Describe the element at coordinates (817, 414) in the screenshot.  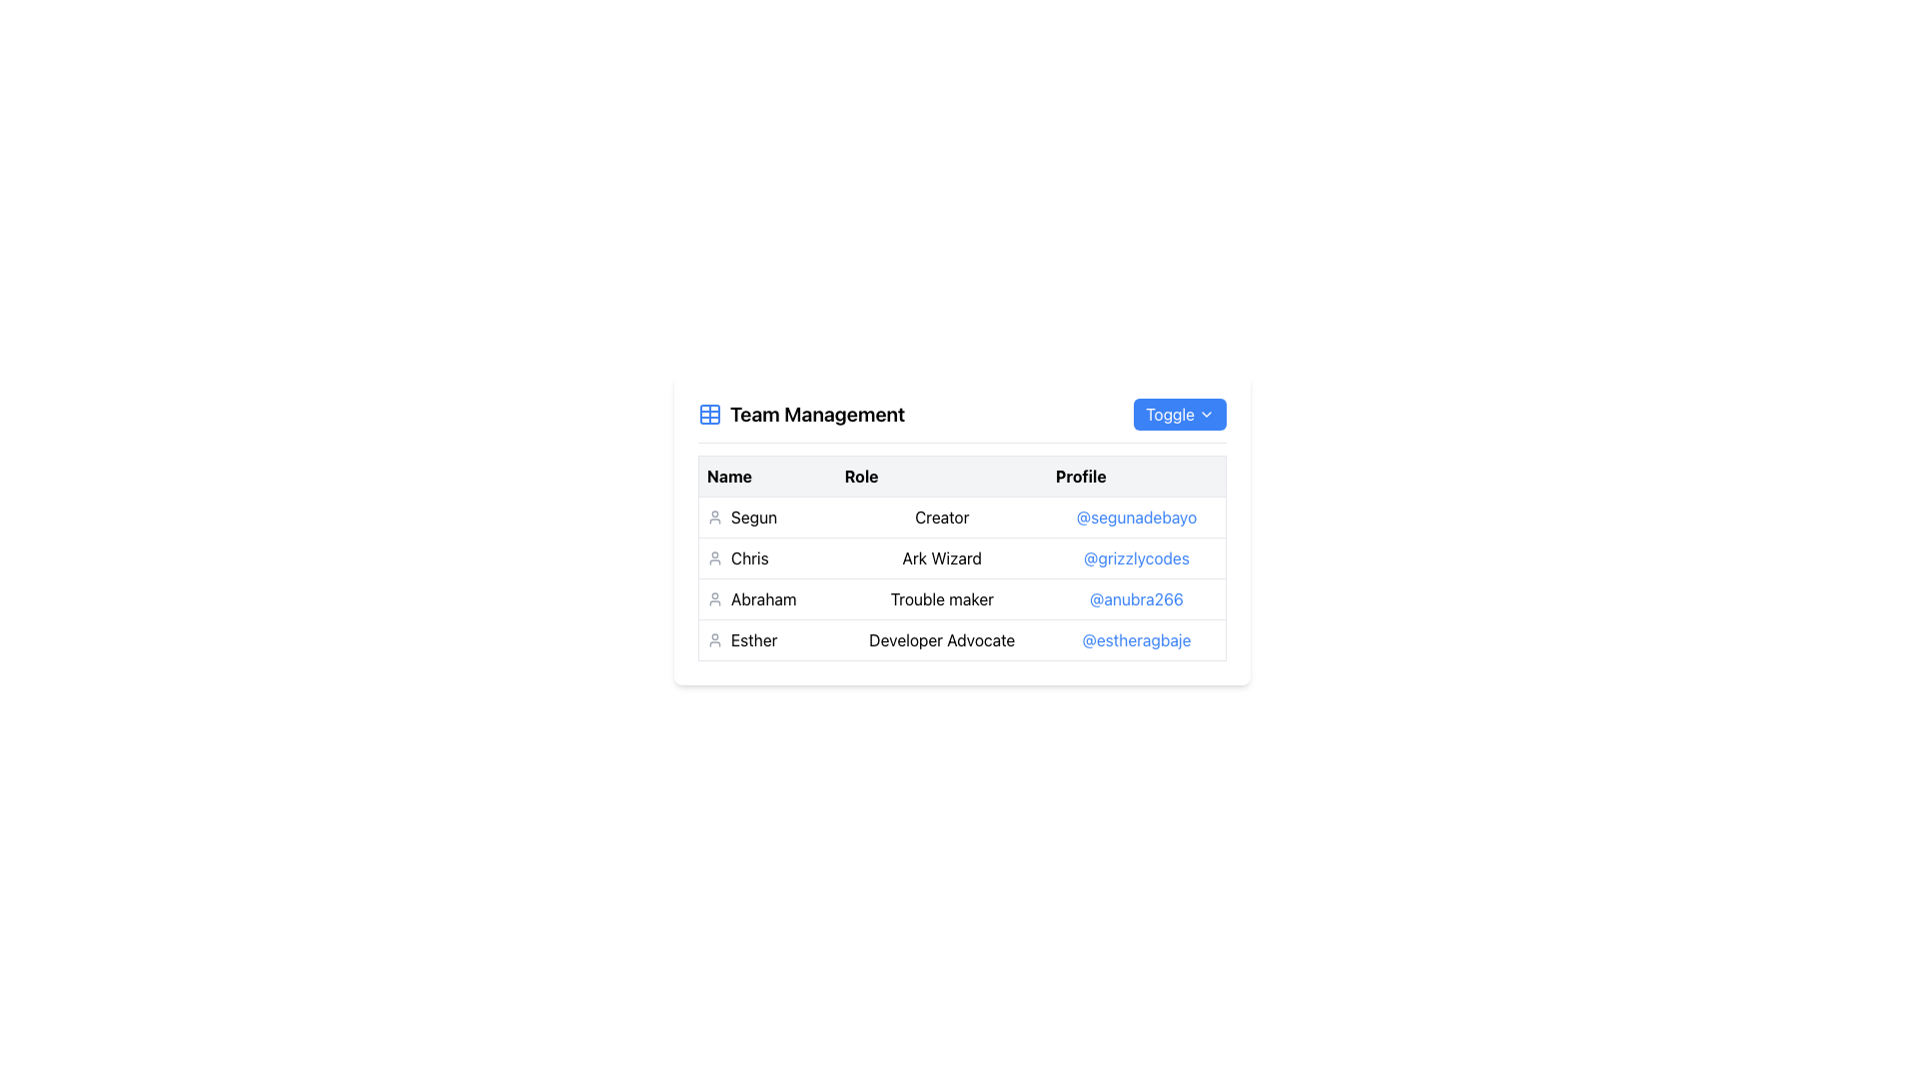
I see `the text label 'Team Management', which is a bold and large-sized header positioned to the right of a blue table icon near the top center of the interface` at that location.